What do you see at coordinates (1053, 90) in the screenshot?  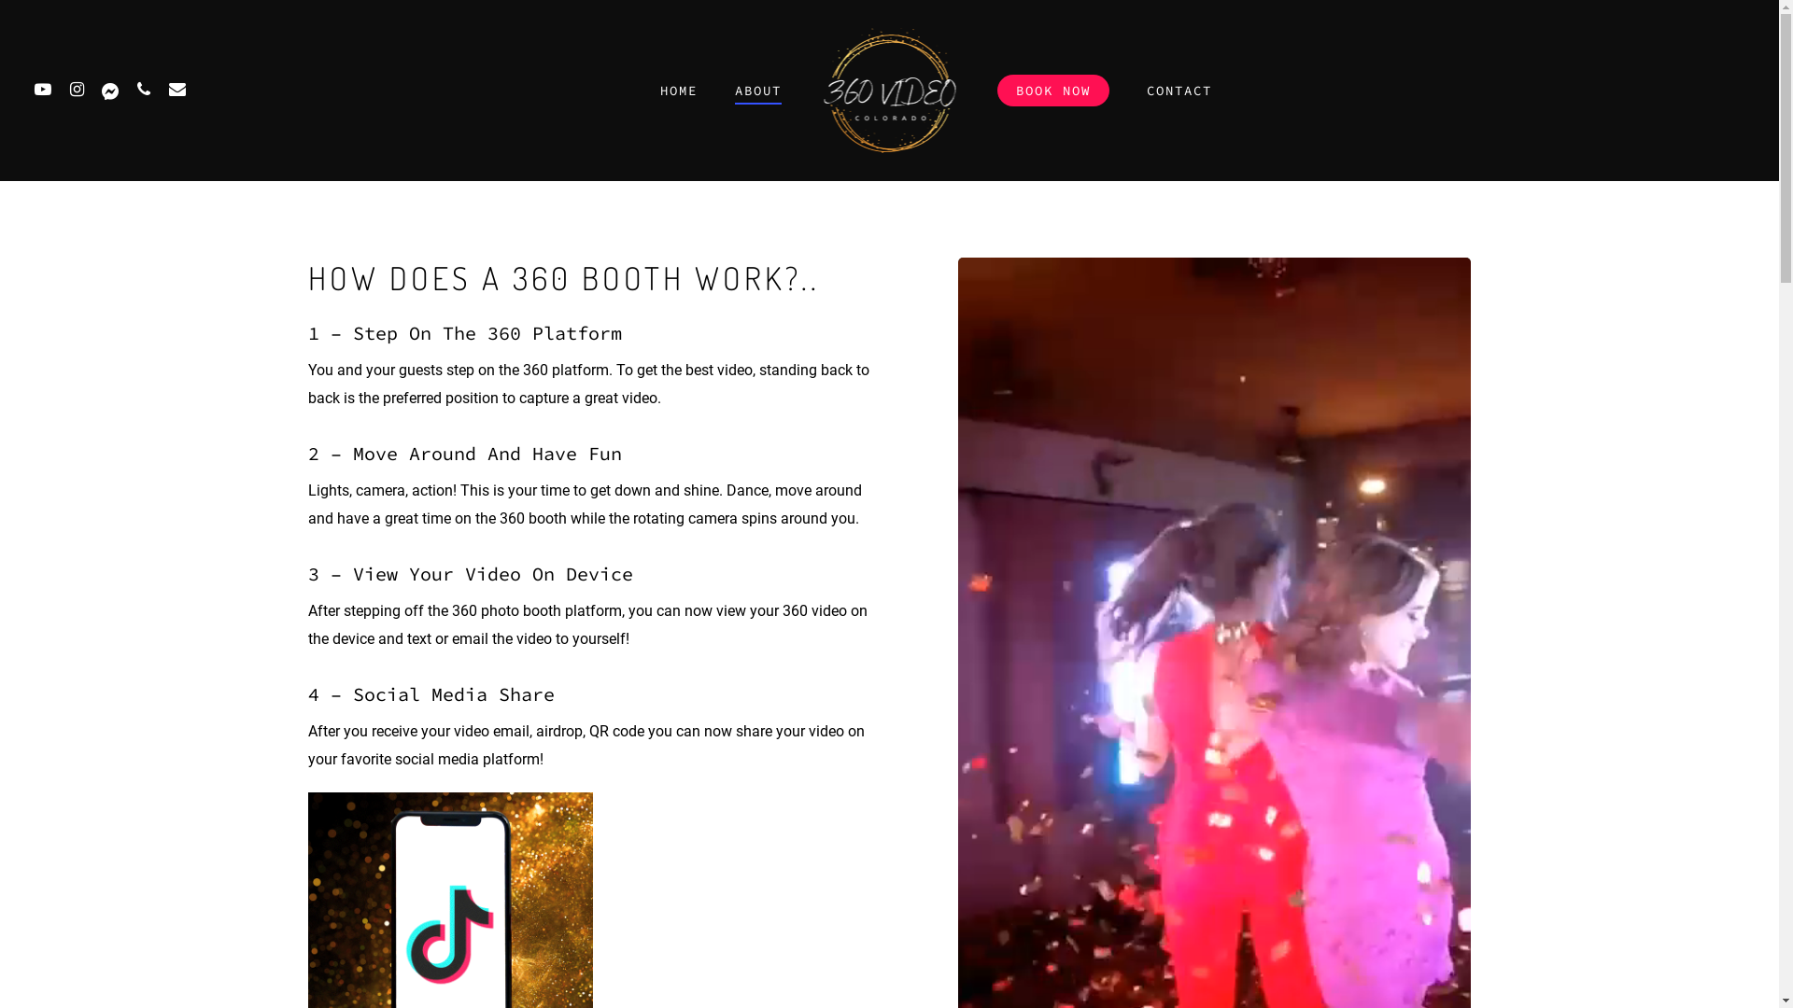 I see `'BOOK NOW'` at bounding box center [1053, 90].